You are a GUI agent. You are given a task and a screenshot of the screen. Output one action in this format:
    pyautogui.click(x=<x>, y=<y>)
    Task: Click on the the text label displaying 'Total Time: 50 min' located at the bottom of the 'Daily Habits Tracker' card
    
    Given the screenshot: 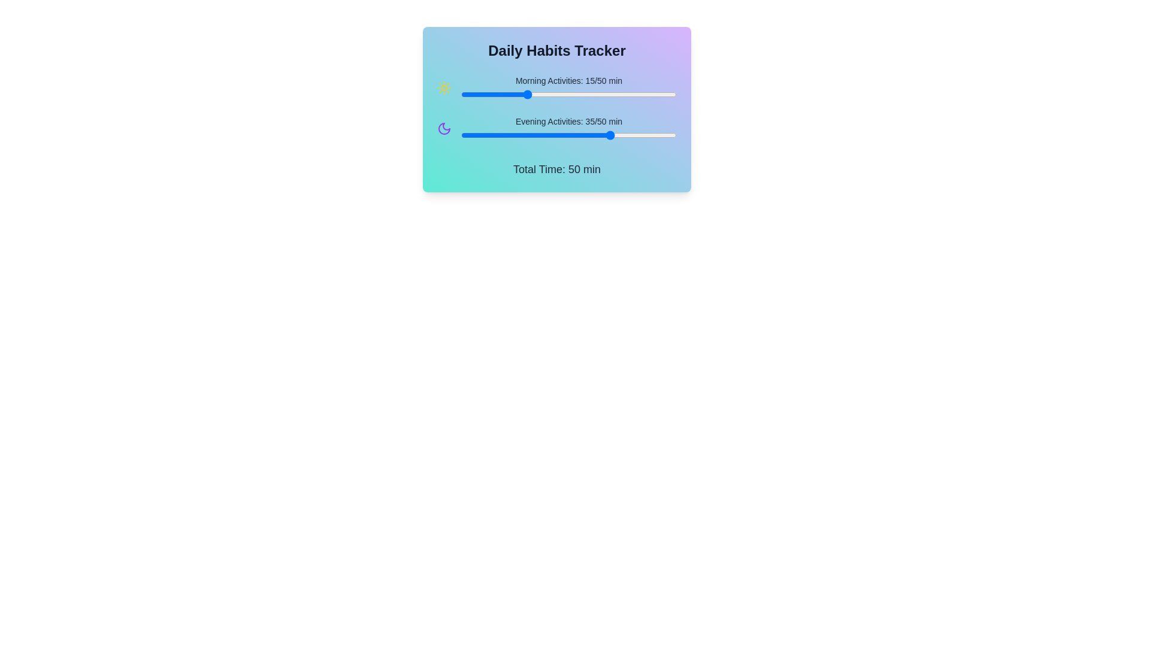 What is the action you would take?
    pyautogui.click(x=556, y=169)
    